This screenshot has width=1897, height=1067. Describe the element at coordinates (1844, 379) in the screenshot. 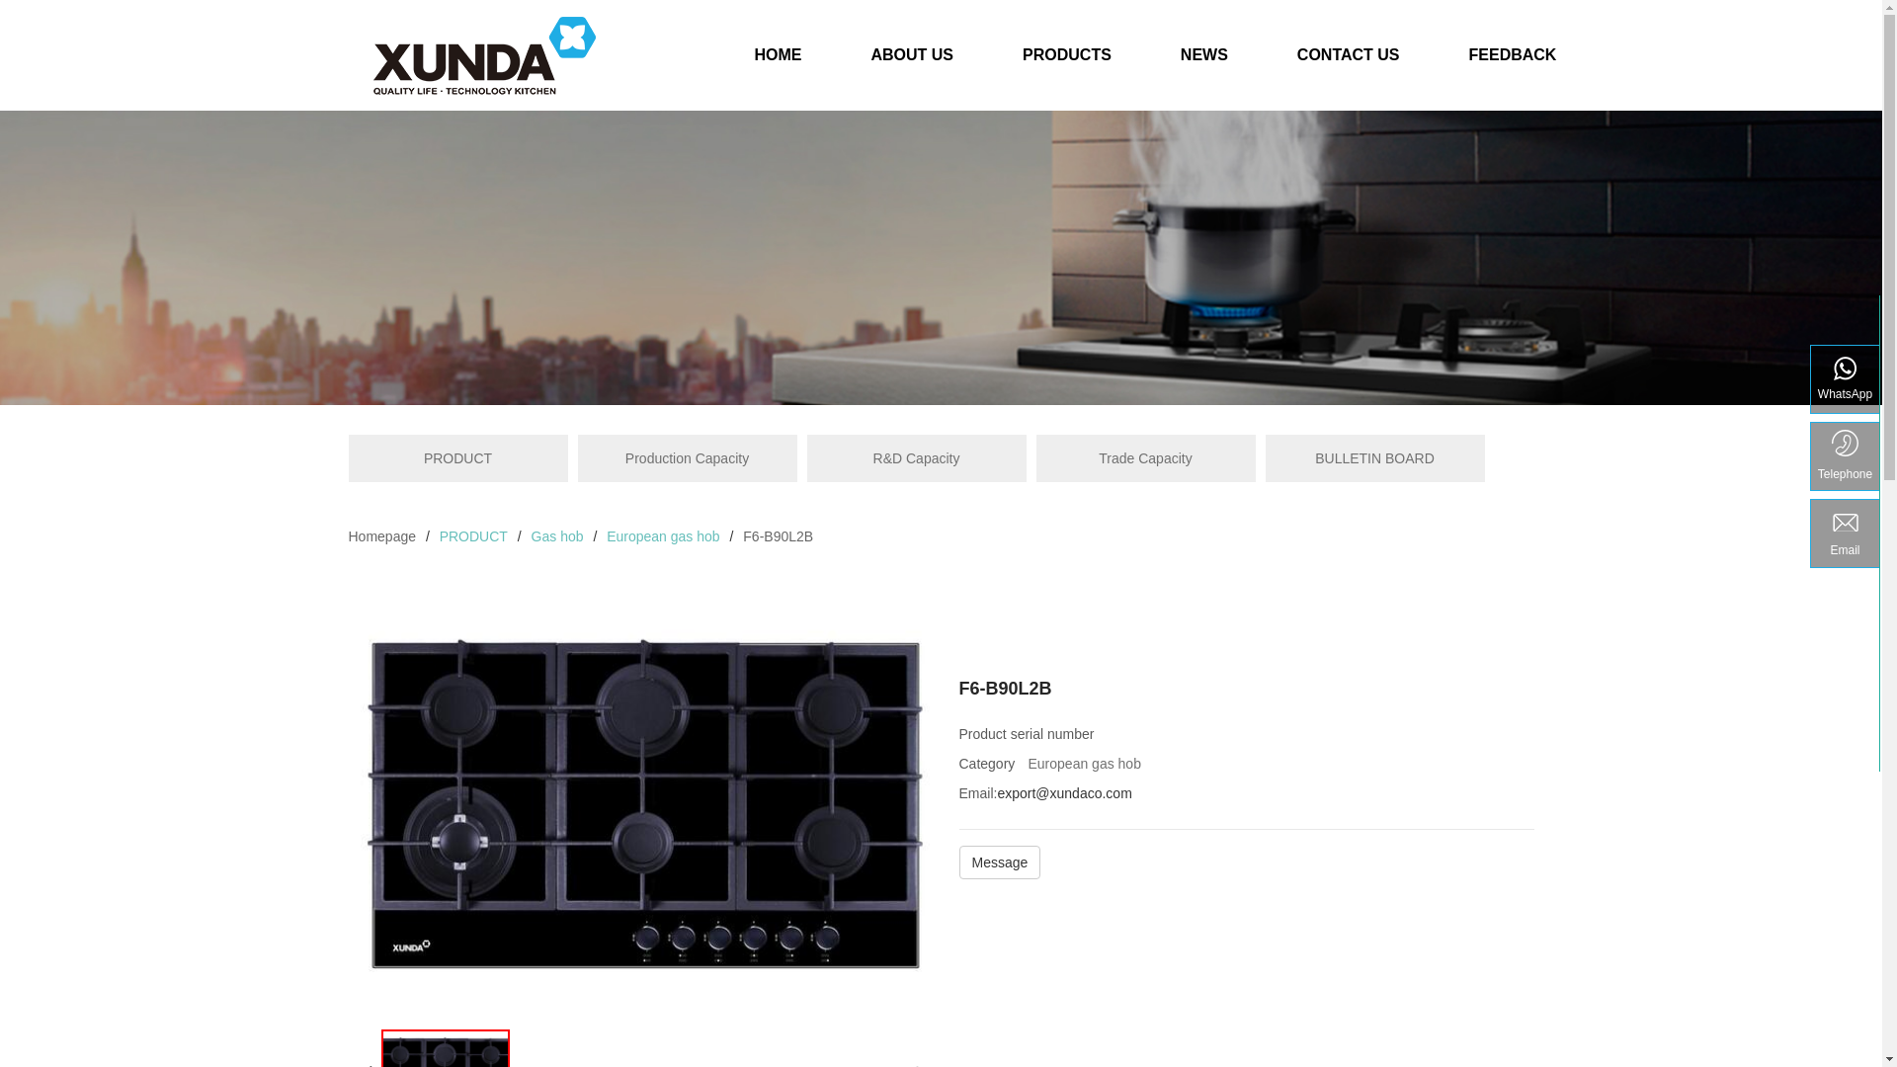

I see `'WhatsApp'` at that location.